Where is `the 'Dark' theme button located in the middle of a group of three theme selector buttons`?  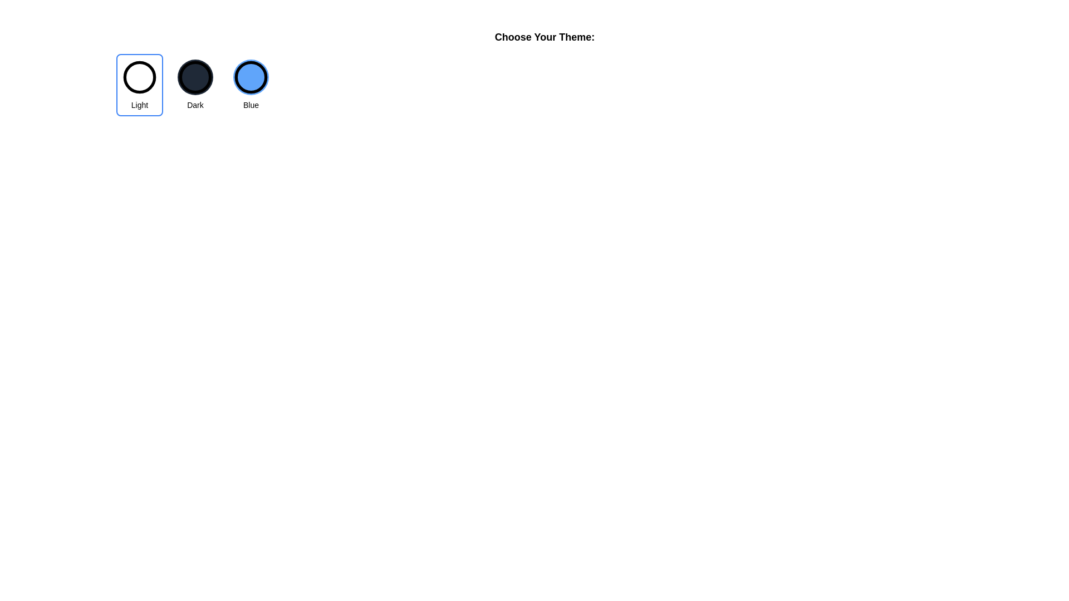 the 'Dark' theme button located in the middle of a group of three theme selector buttons is located at coordinates (195, 85).